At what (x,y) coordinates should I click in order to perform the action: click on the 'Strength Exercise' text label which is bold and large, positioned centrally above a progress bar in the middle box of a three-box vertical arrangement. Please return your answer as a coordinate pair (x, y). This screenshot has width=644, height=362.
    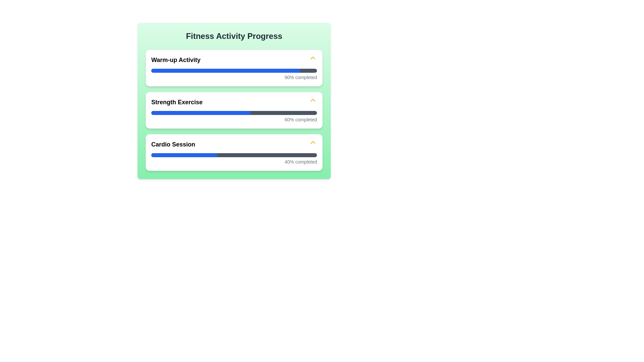
    Looking at the image, I should click on (177, 102).